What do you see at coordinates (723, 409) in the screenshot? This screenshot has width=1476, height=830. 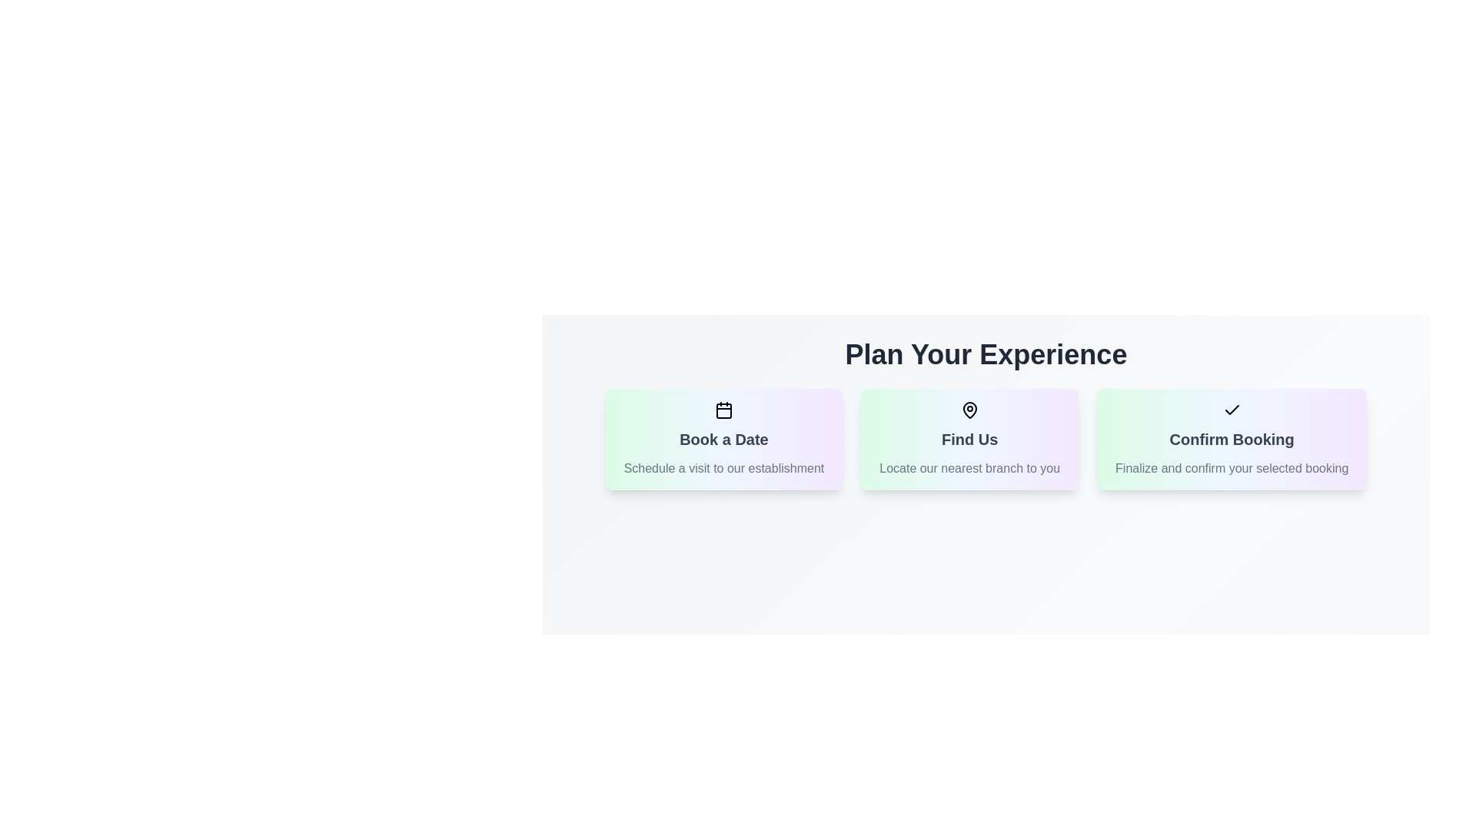 I see `the calendar icon that represents the booking or scheduling functionality, located in the upper section of the leftmost card above the text 'Book a Date'` at bounding box center [723, 409].